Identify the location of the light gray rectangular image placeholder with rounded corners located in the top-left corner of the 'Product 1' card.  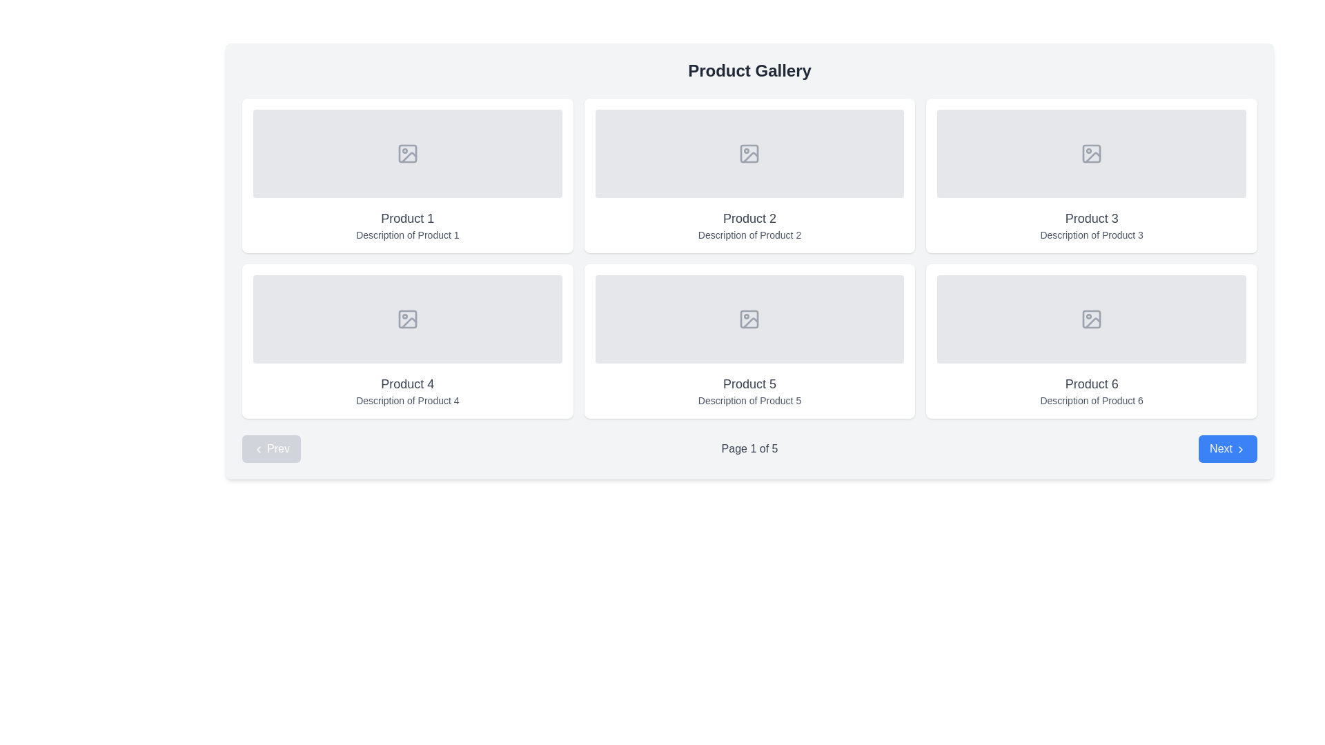
(406, 154).